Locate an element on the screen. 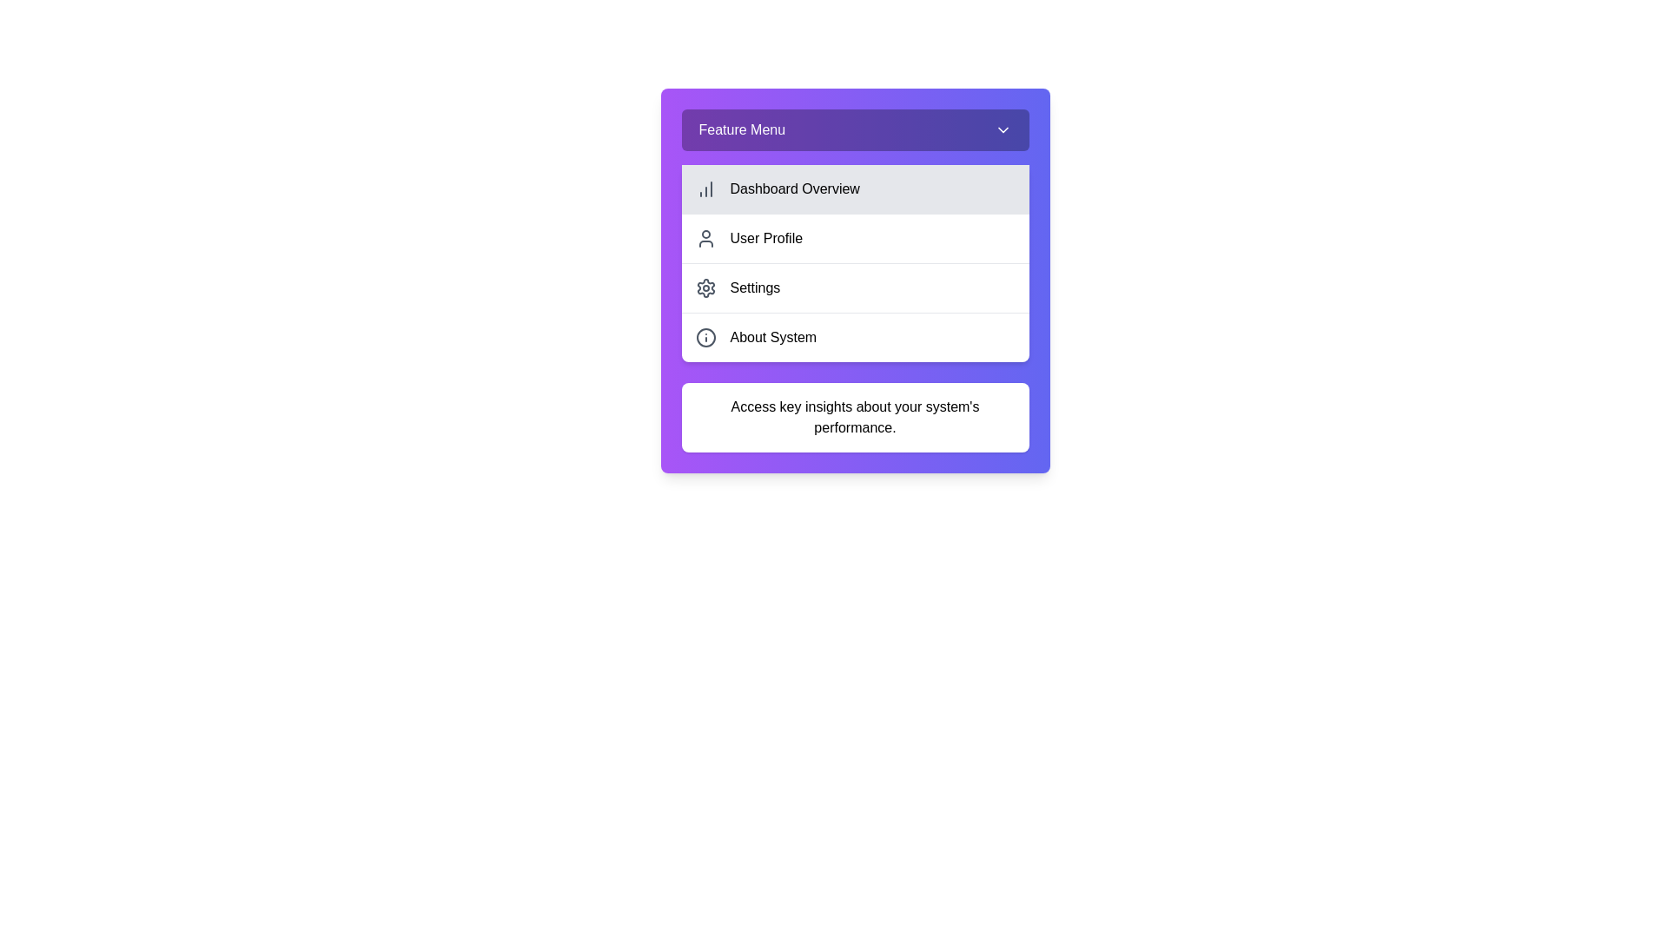 The height and width of the screenshot is (938, 1668). the 'User Profile' menu item, which is the second item in the vertical menu is located at coordinates (855, 238).